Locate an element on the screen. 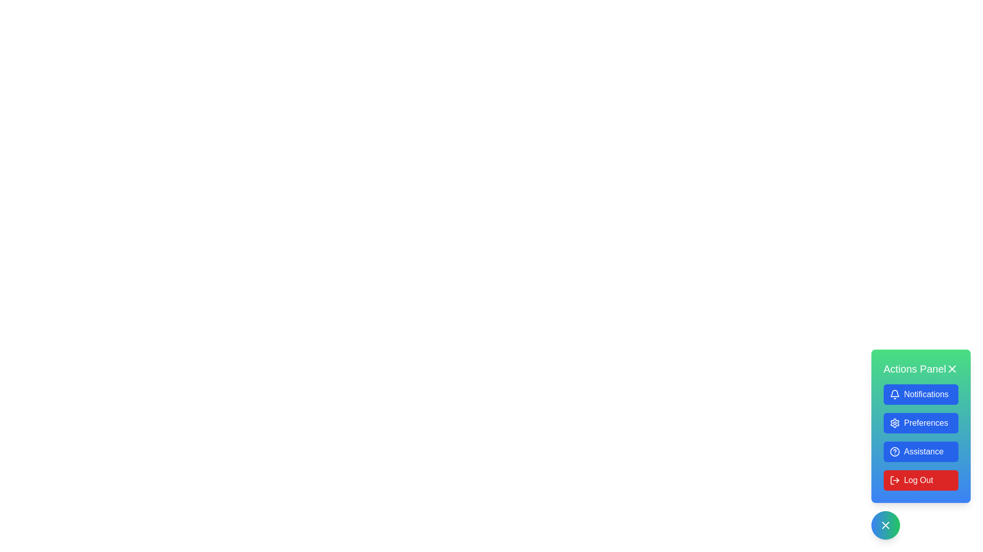 The image size is (983, 552). the close button represented by an 'X' icon located in the upper-right corner of the green header labeled 'Actions Panel' is located at coordinates (952, 369).